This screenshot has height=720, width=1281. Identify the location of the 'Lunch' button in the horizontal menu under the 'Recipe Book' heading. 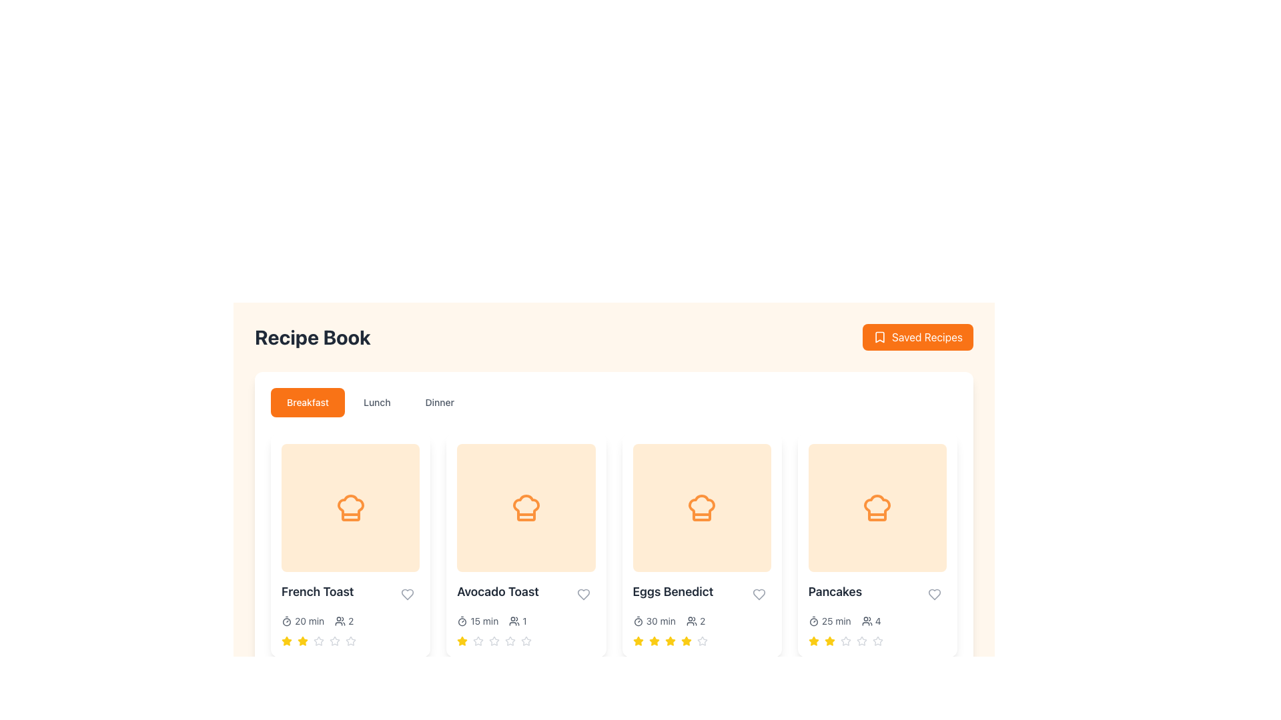
(376, 402).